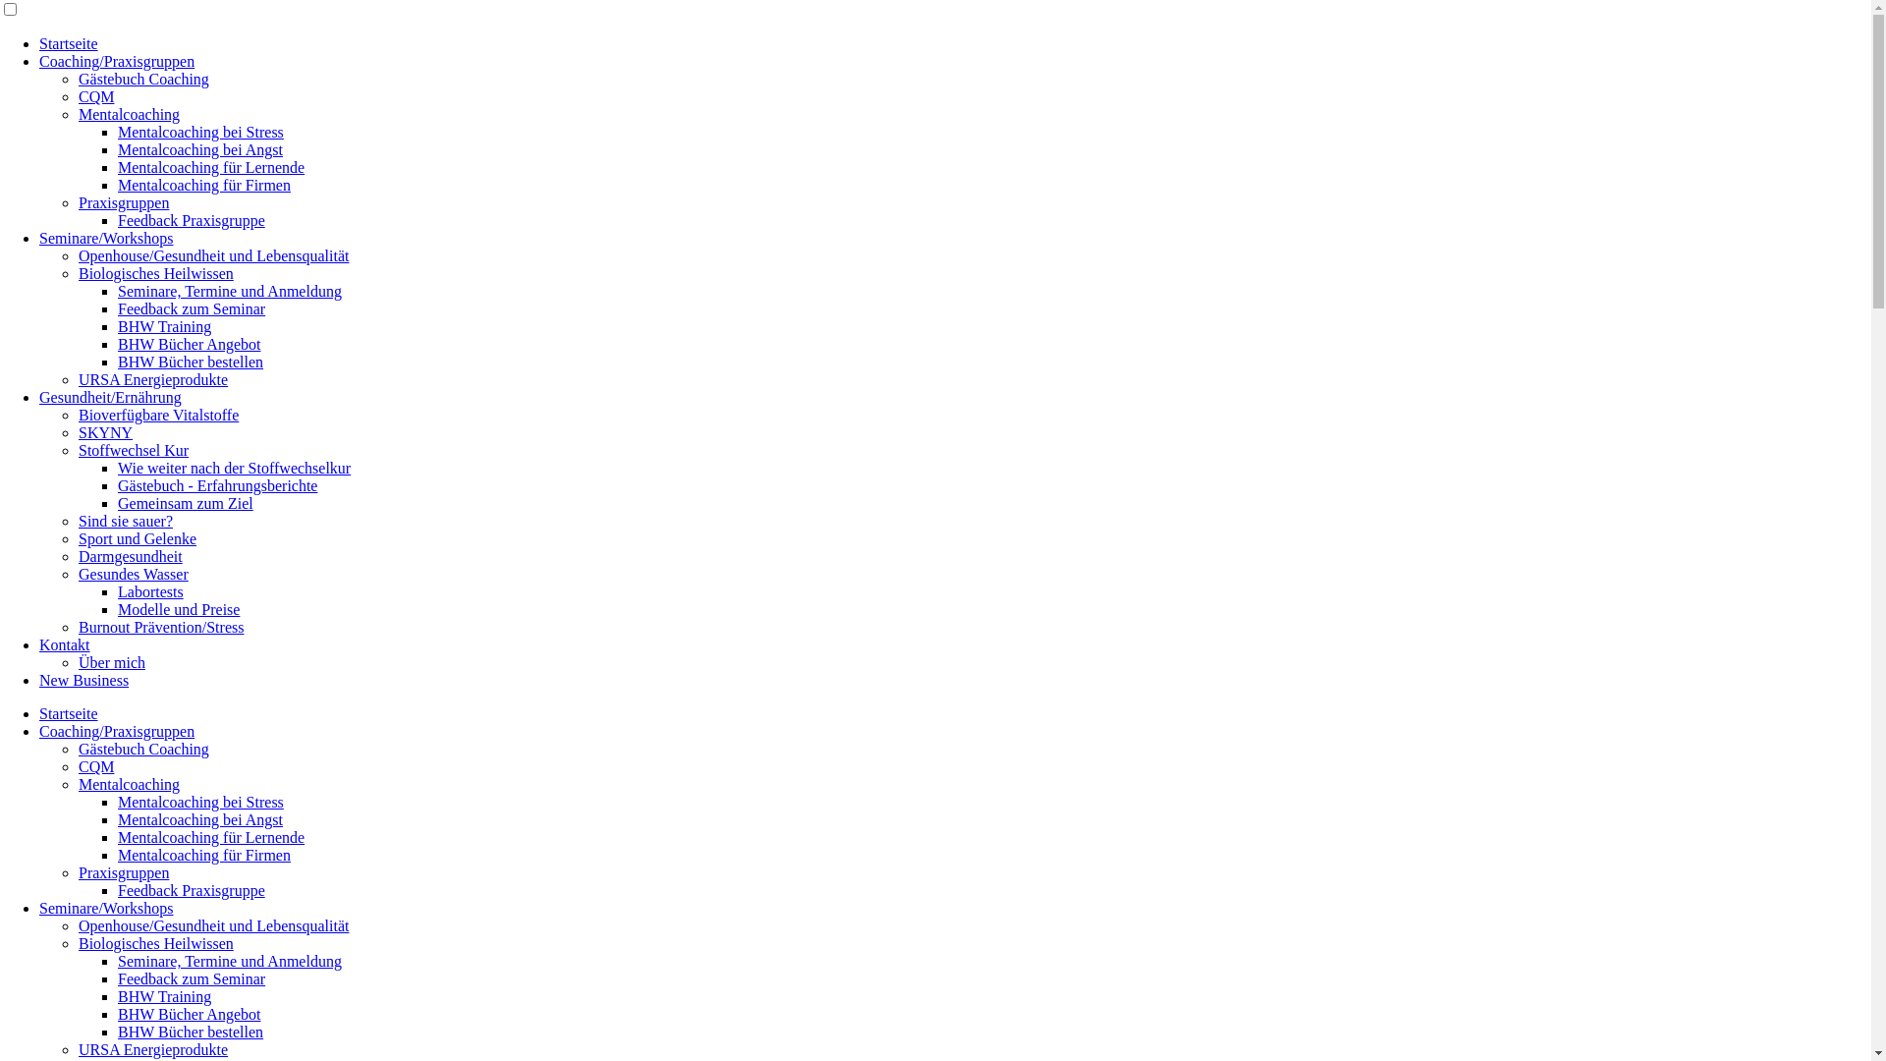 This screenshot has height=1061, width=1886. What do you see at coordinates (79, 556) in the screenshot?
I see `'Darmgesundheit'` at bounding box center [79, 556].